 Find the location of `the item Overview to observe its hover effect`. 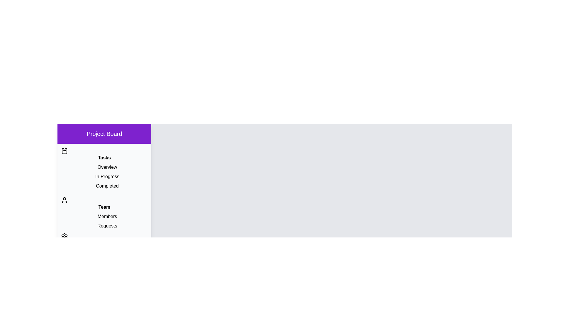

the item Overview to observe its hover effect is located at coordinates (104, 167).